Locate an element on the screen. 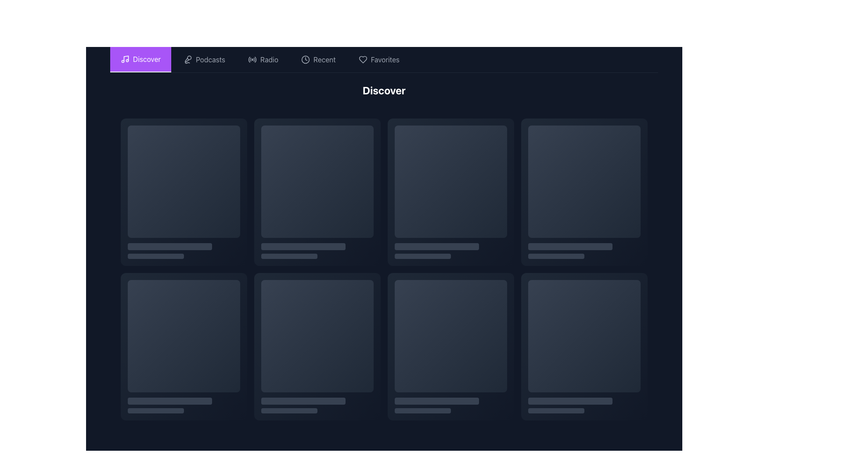  the card-shaped UI component with a gradient background in the grid layout is located at coordinates (584, 192).